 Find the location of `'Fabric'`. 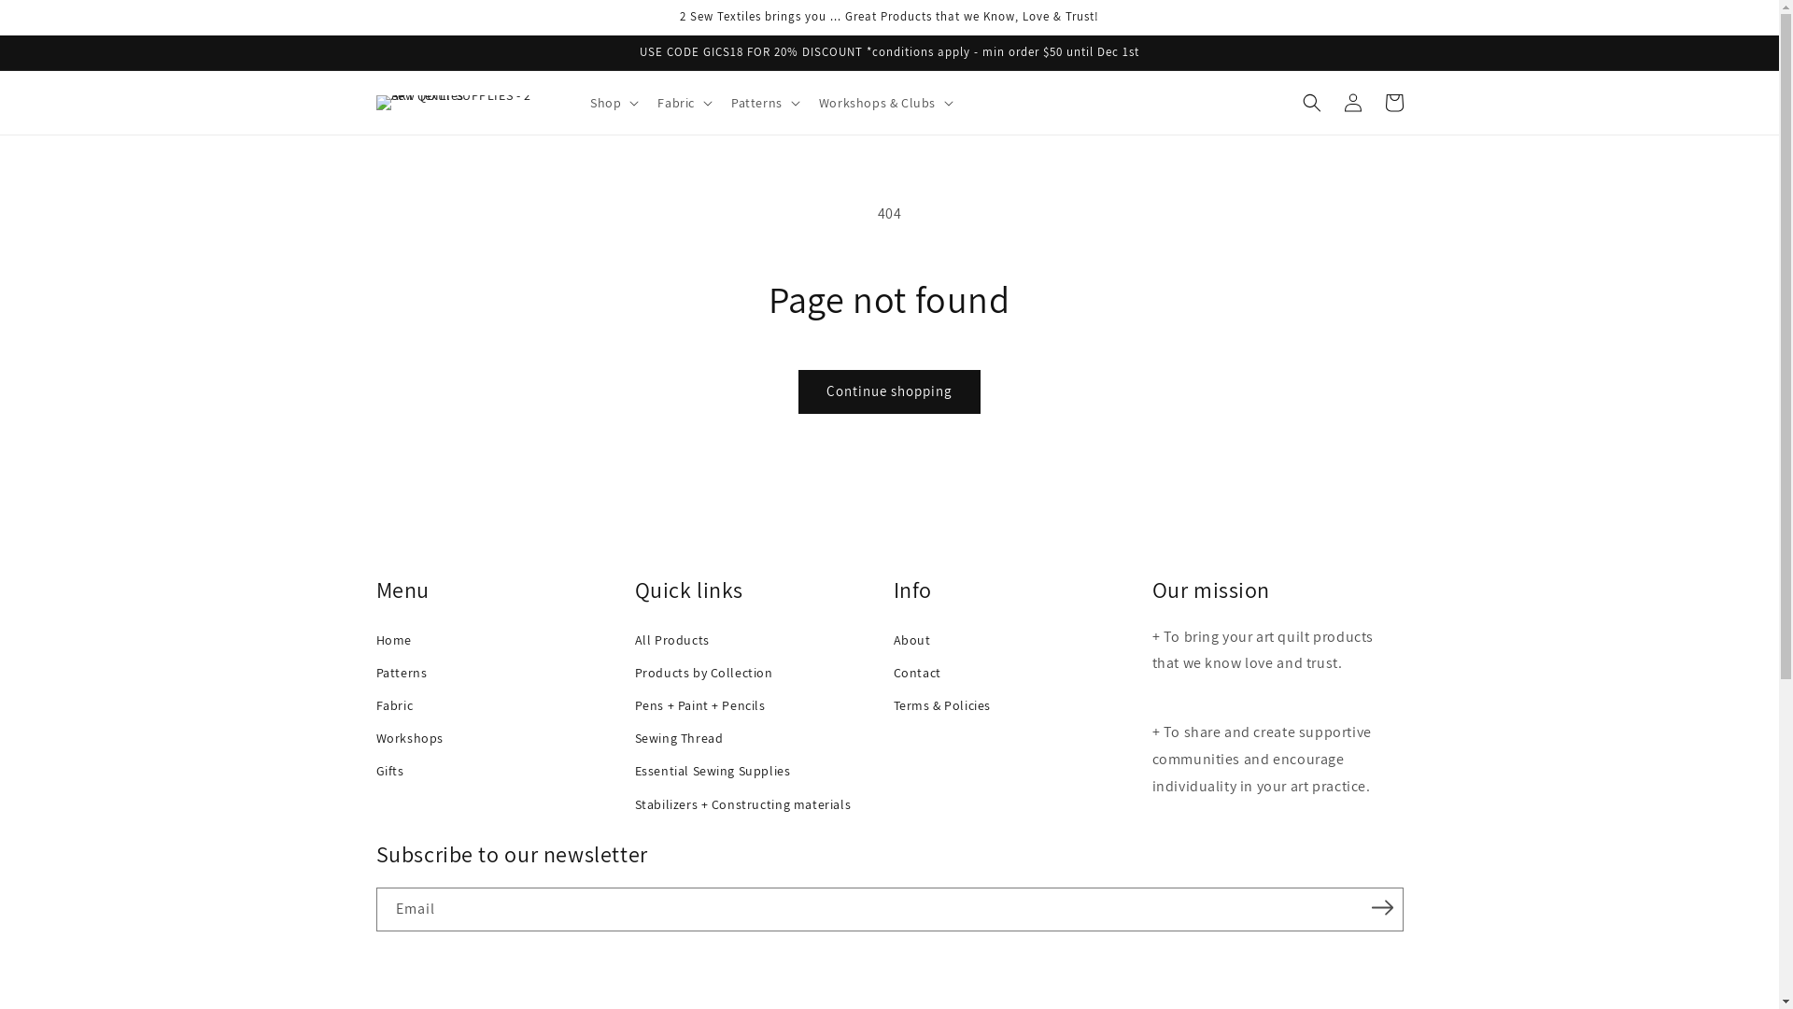

'Fabric' is located at coordinates (374, 705).